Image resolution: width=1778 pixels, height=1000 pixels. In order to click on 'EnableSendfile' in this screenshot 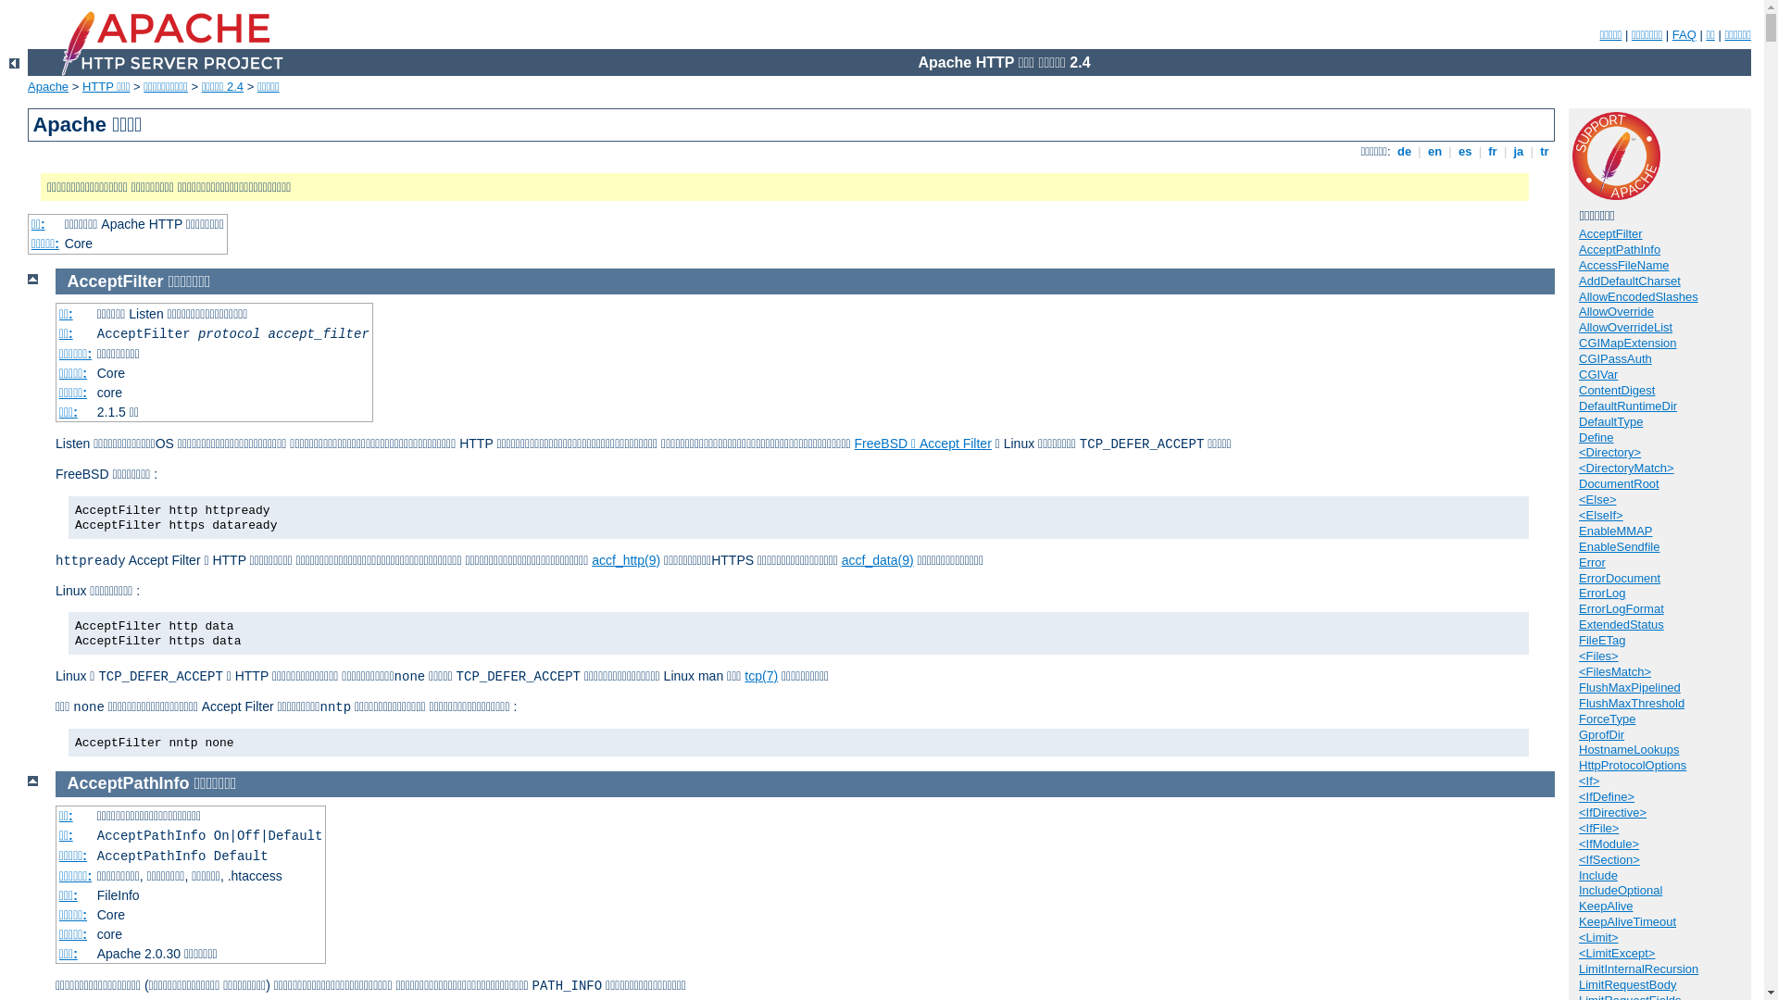, I will do `click(1618, 545)`.